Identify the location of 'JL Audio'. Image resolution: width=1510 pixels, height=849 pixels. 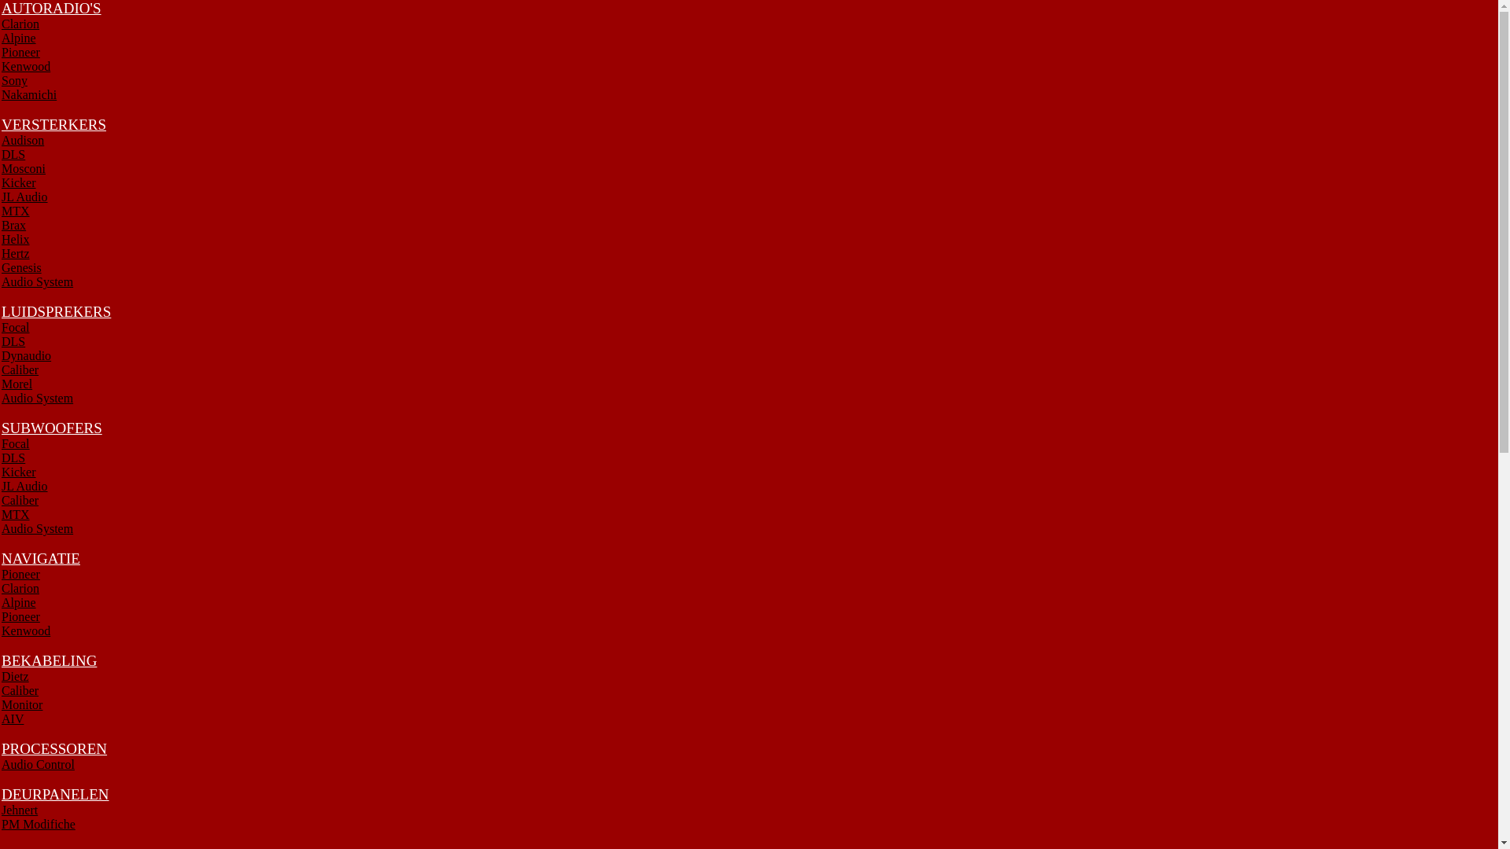
(24, 485).